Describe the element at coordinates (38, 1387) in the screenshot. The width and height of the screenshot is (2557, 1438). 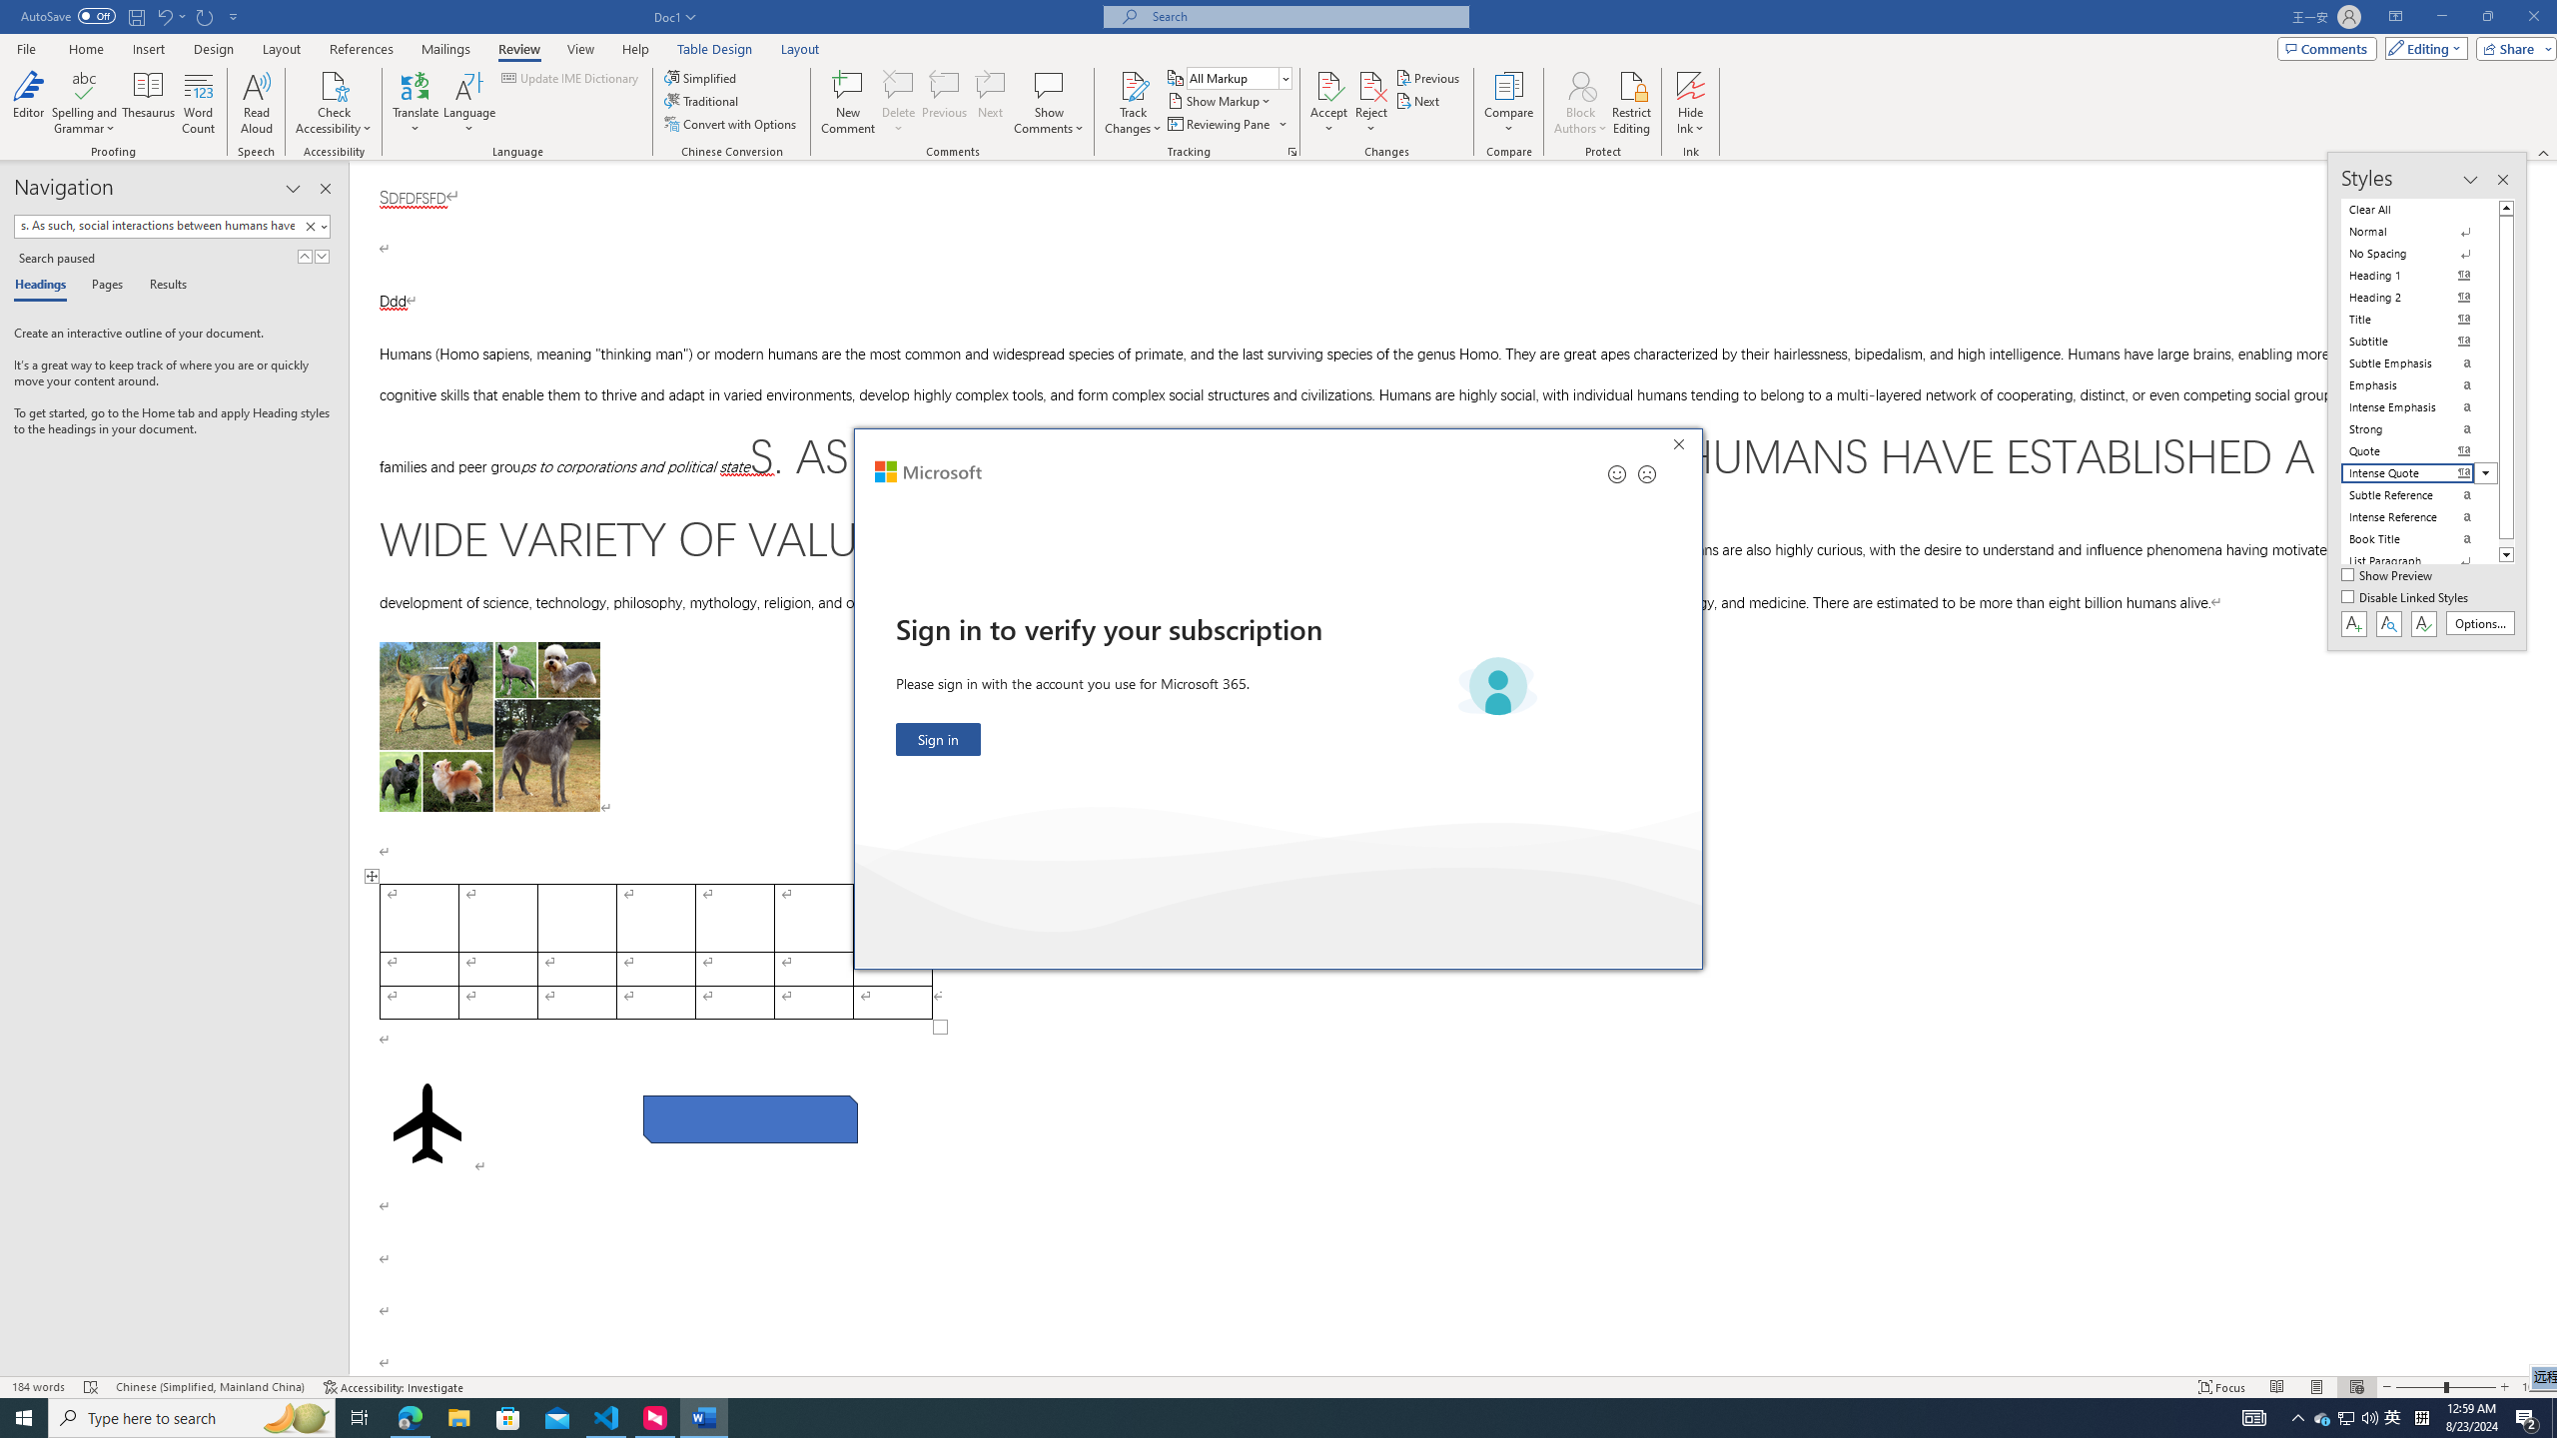
I see `'Word Count 184 words'` at that location.